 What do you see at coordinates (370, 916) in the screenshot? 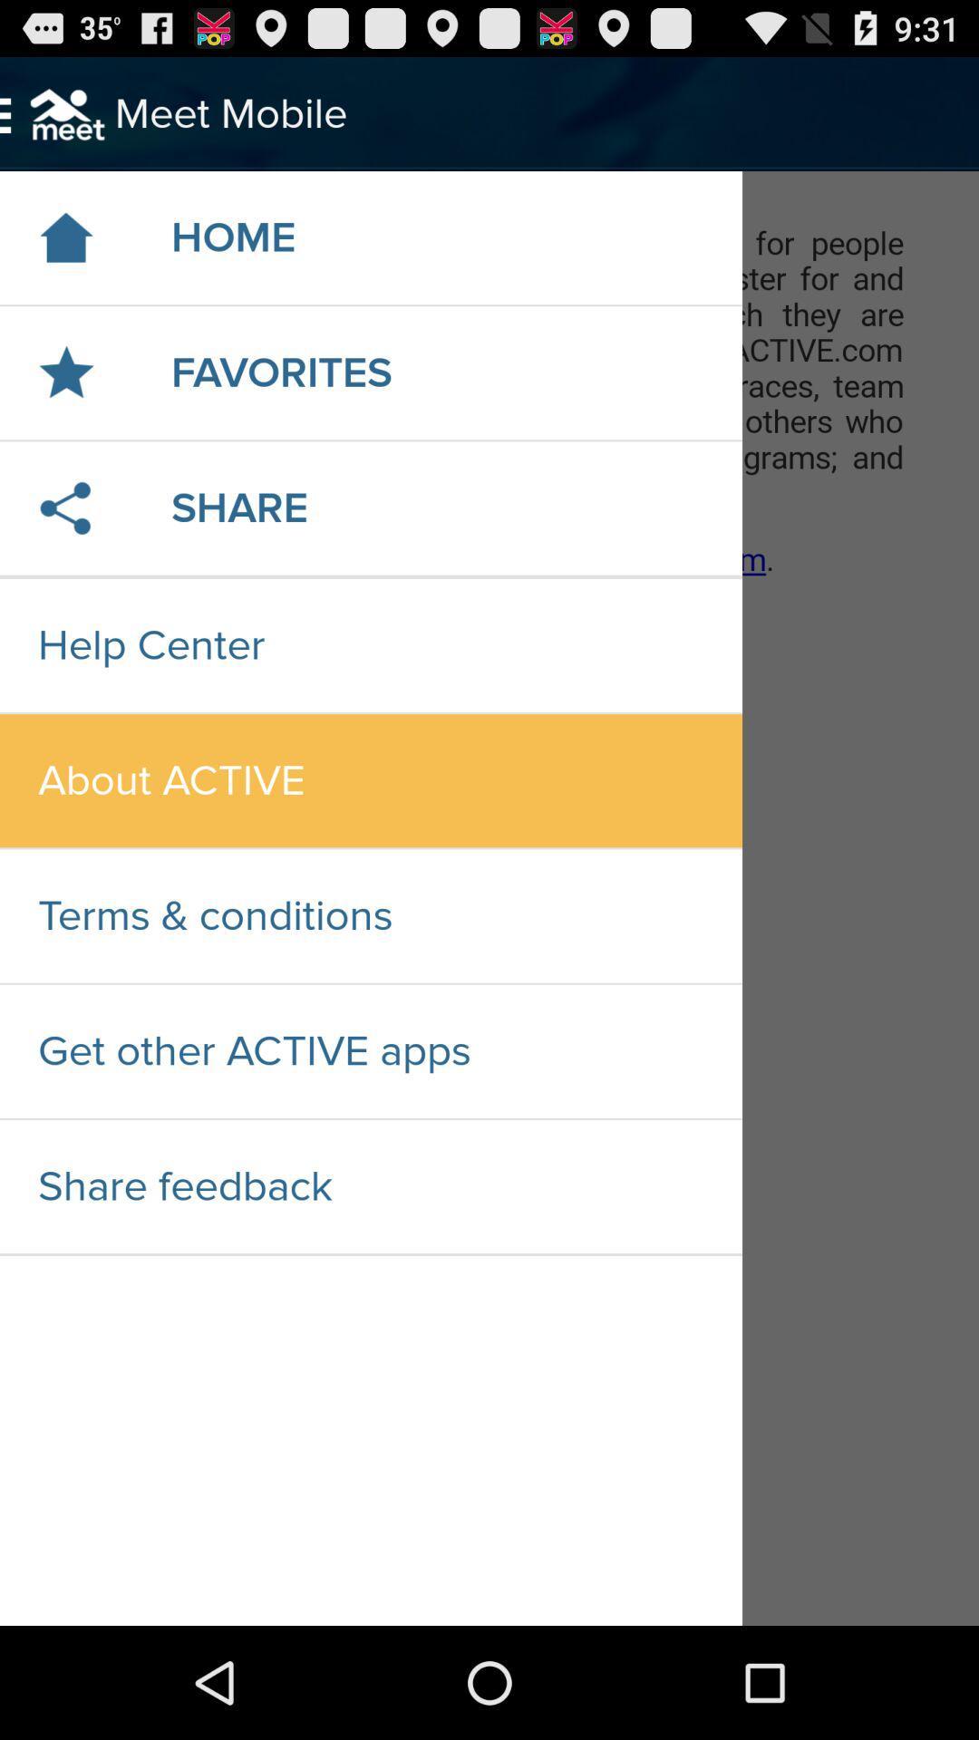
I see `terms & conditions` at bounding box center [370, 916].